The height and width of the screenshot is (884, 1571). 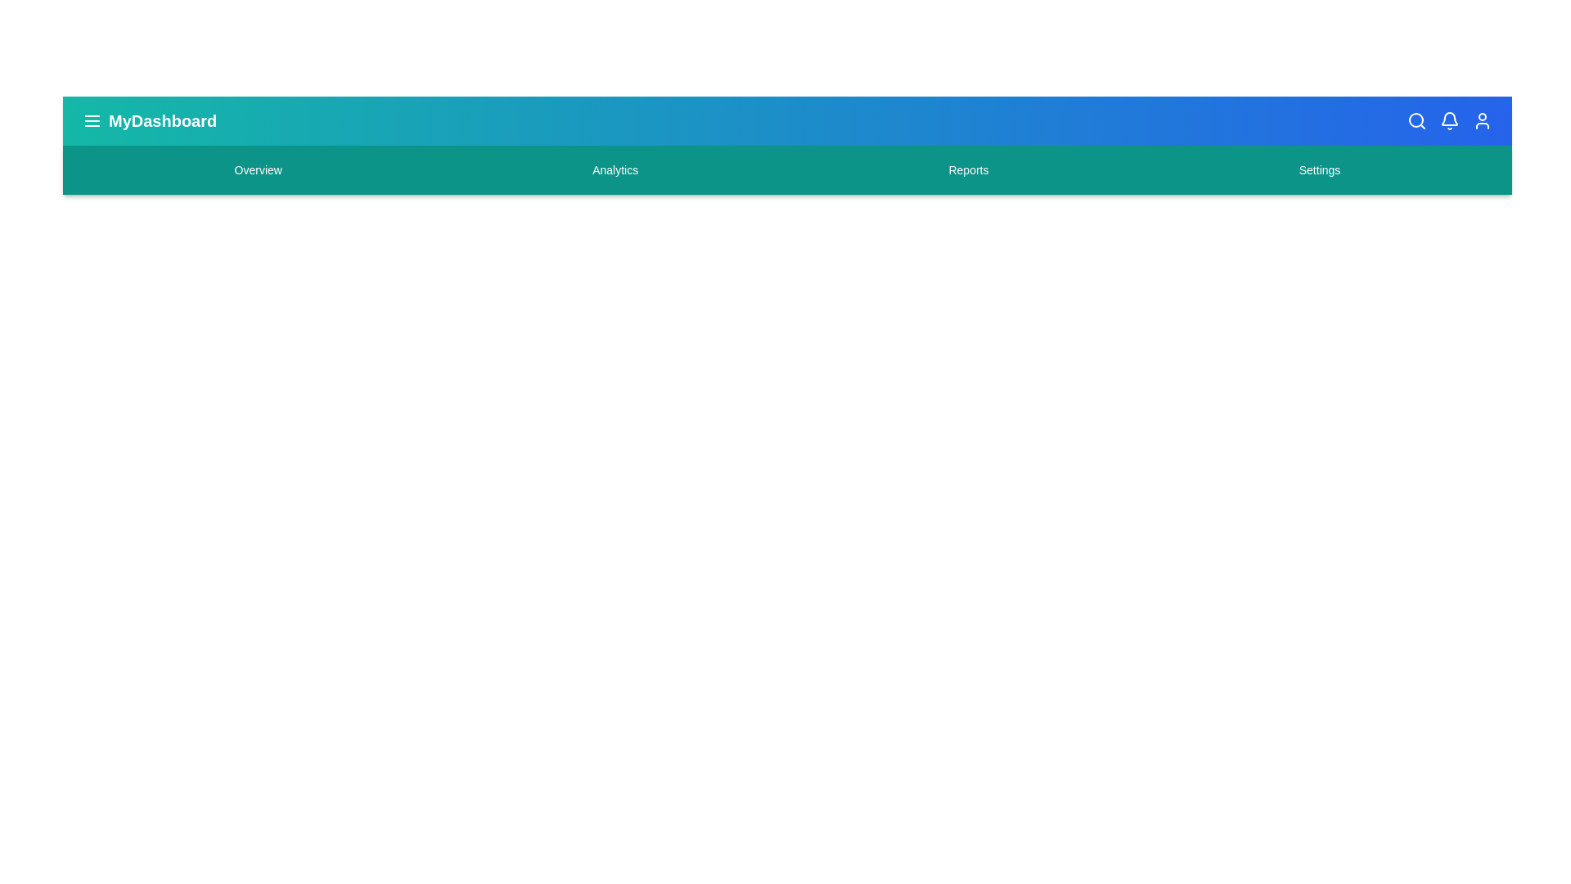 What do you see at coordinates (92, 120) in the screenshot?
I see `the toggle button to toggle the menu visibility` at bounding box center [92, 120].